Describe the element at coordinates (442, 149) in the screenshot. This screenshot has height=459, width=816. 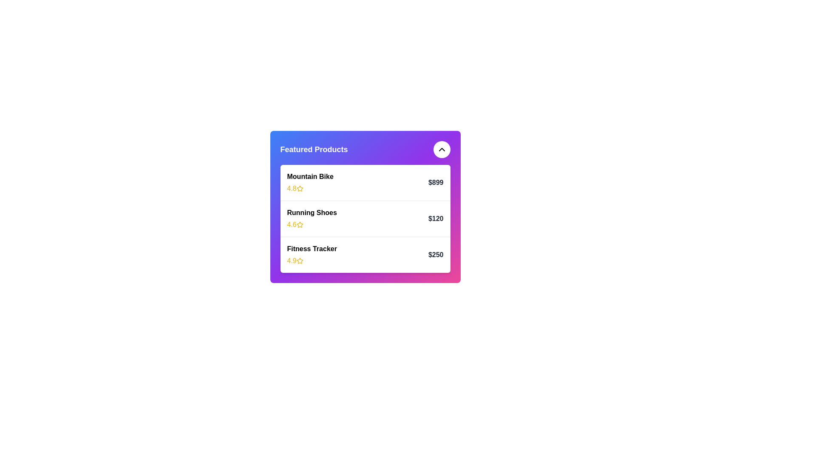
I see `the upward scrolling button located in the top-right corner of the 'Featured Products' section` at that location.